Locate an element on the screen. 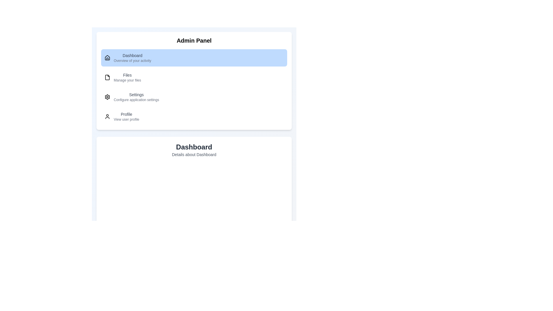 Image resolution: width=553 pixels, height=311 pixels. the menu item Files to view its details is located at coordinates (194, 77).